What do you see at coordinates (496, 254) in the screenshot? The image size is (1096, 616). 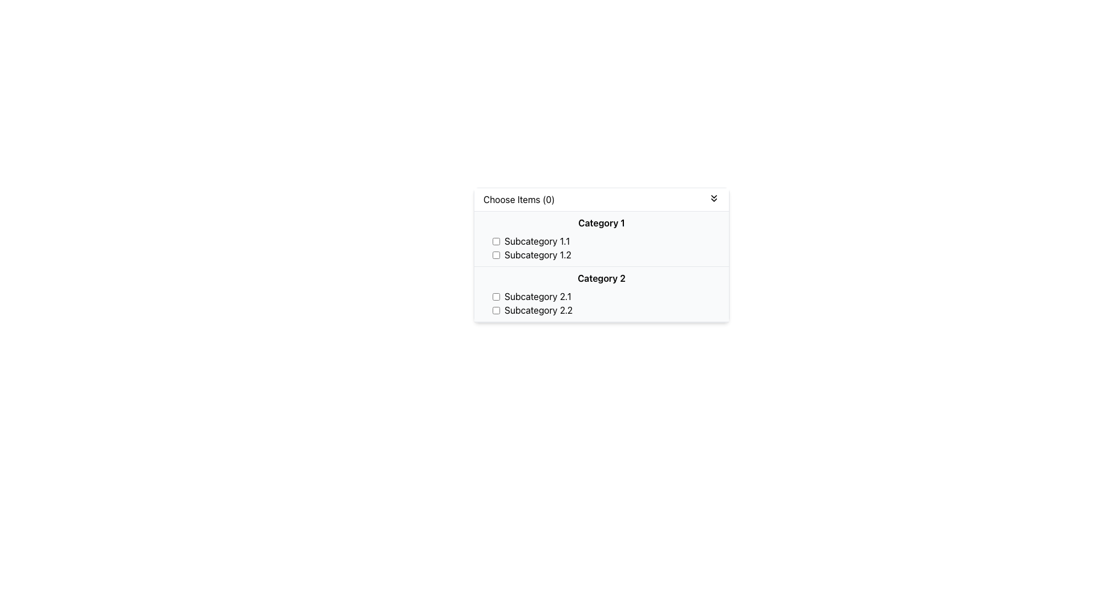 I see `the standard checkbox for 'Subcategory 1.2'` at bounding box center [496, 254].